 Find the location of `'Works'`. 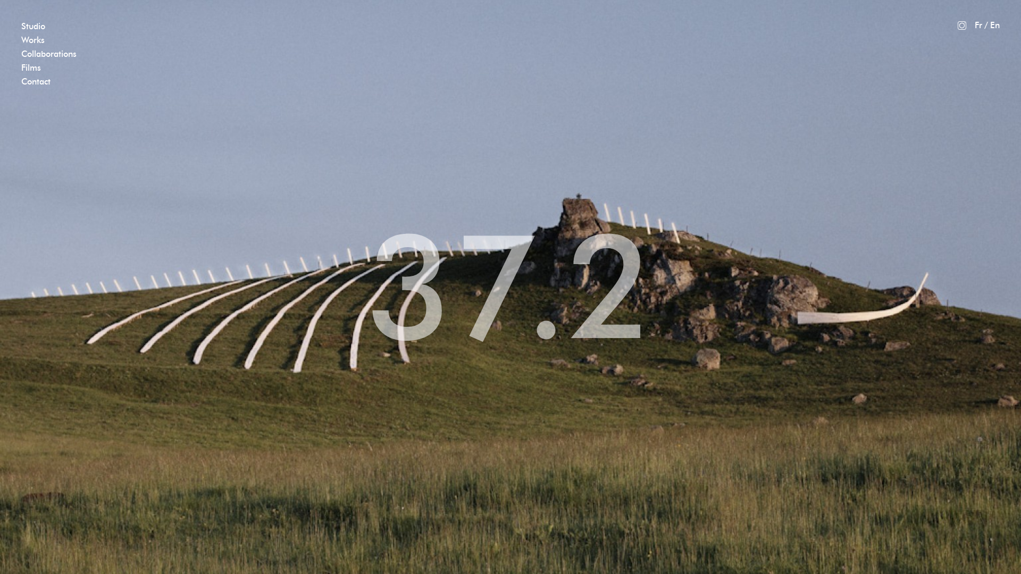

'Works' is located at coordinates (33, 40).